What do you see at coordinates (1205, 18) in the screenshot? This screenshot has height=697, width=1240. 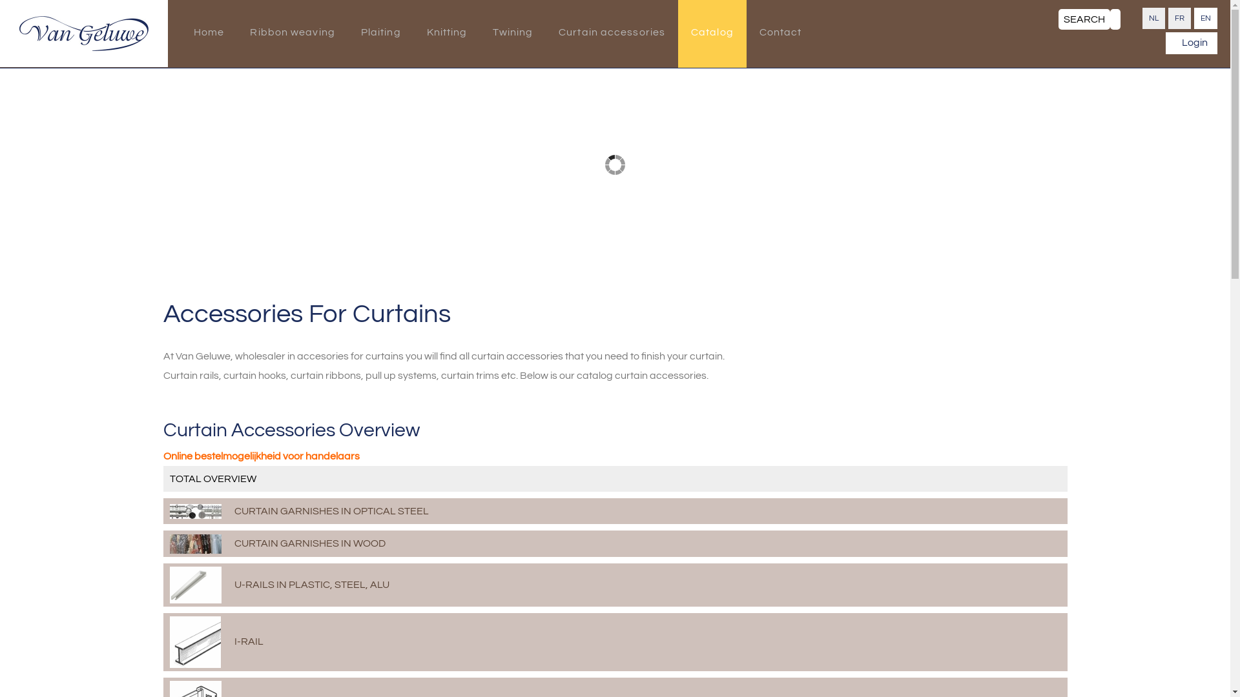 I see `'EN'` at bounding box center [1205, 18].